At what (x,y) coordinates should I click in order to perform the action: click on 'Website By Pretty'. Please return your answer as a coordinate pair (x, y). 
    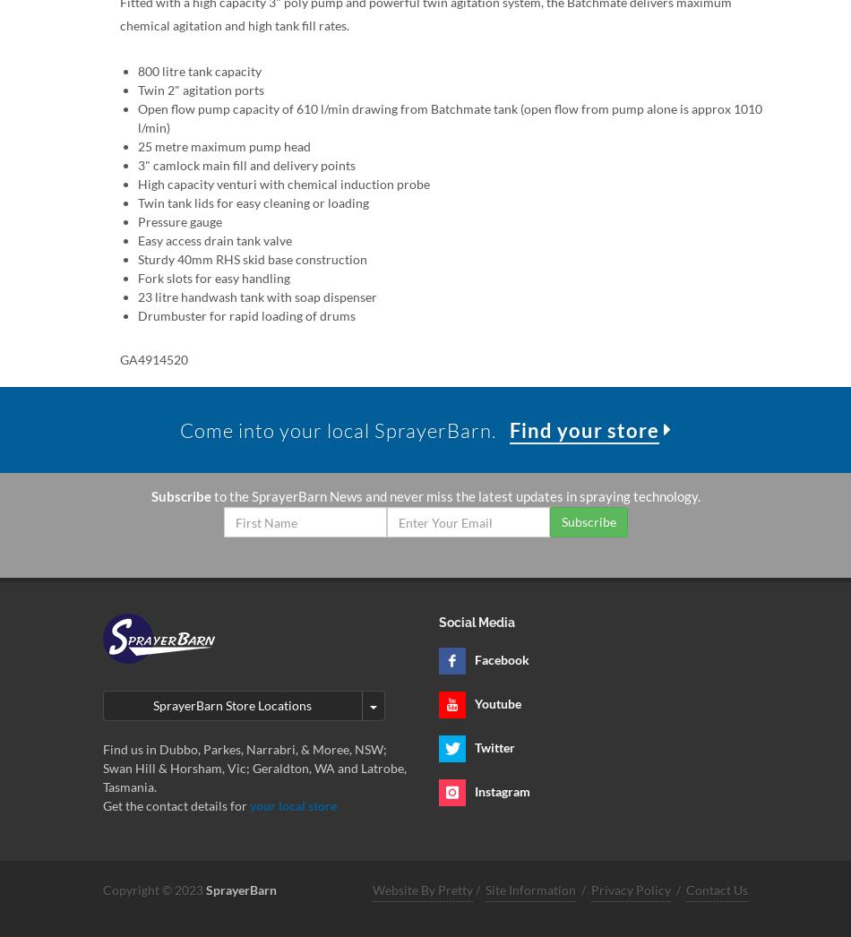
    Looking at the image, I should click on (370, 889).